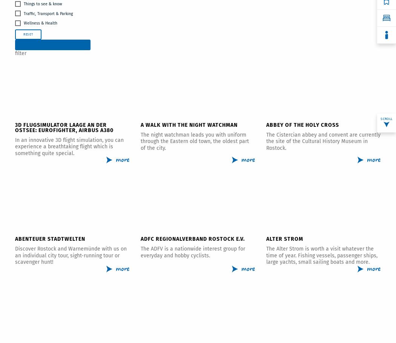 This screenshot has width=396, height=343. I want to click on '3D Flugsimulator Laage an der Ostsee: Eurofighter, Airbus A380', so click(64, 127).